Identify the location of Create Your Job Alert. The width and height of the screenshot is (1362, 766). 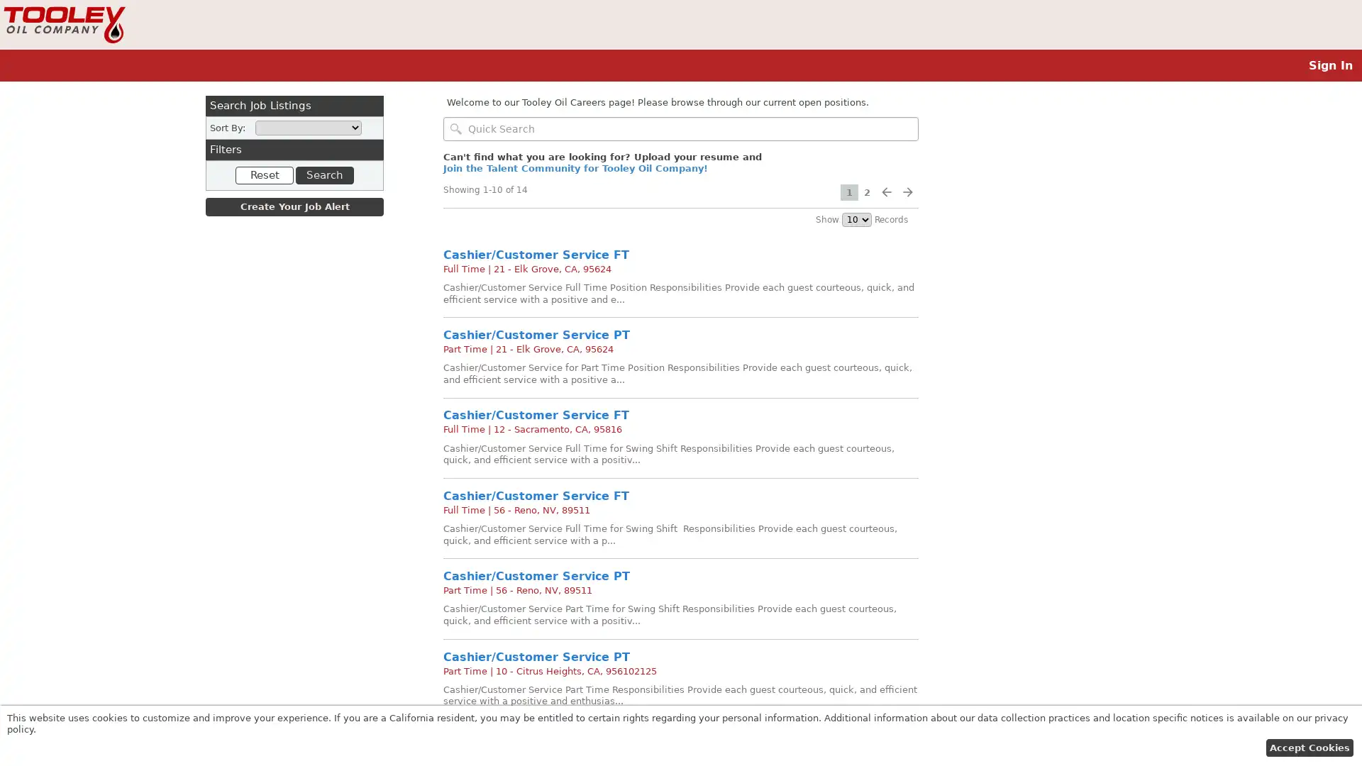
(294, 207).